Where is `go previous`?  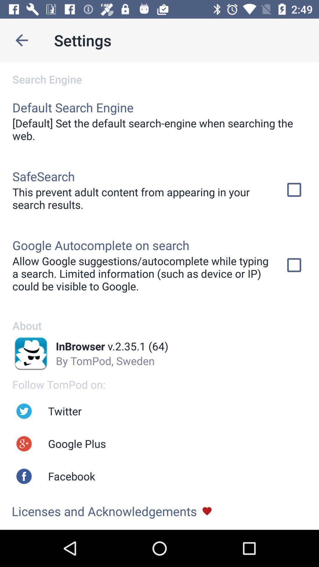 go previous is located at coordinates (21, 40).